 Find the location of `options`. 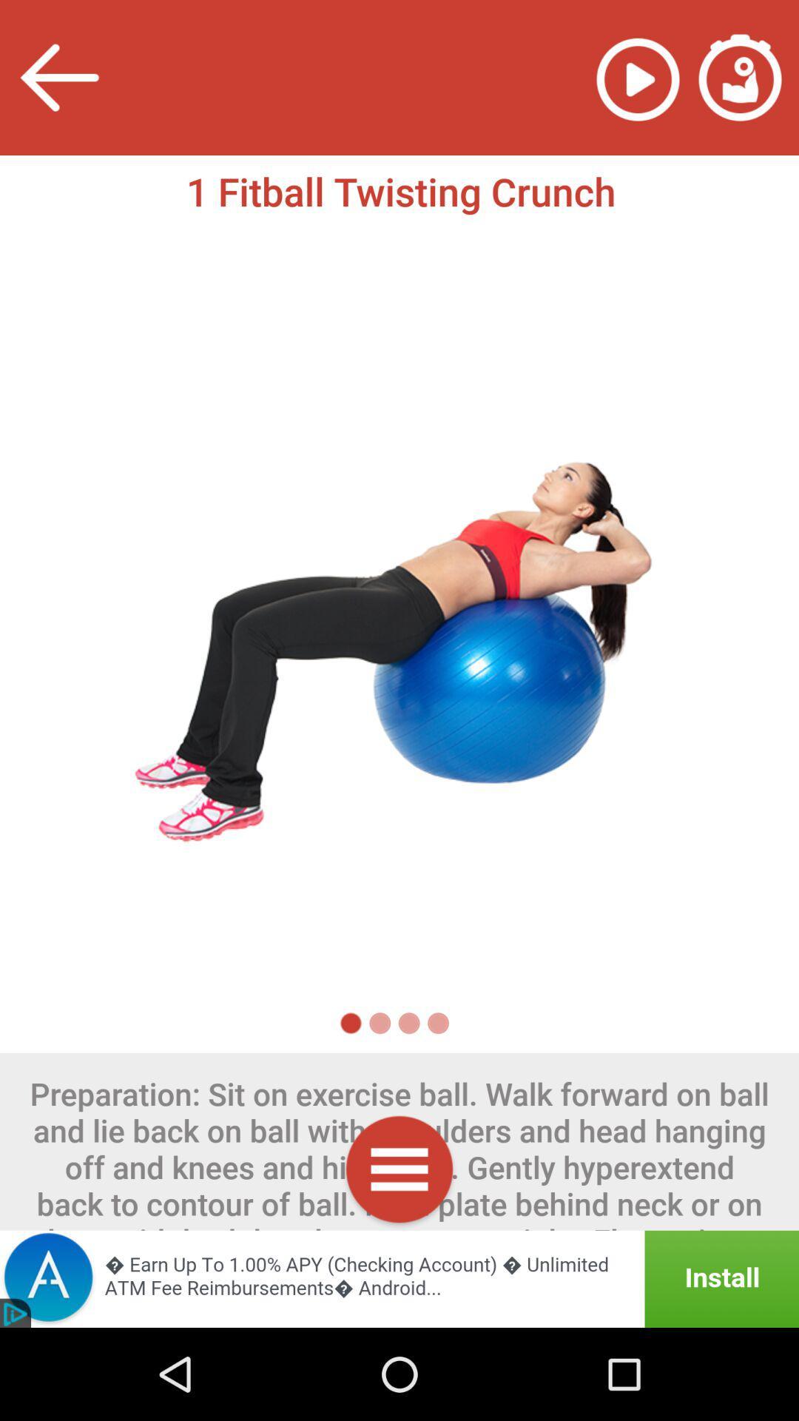

options is located at coordinates (399, 1172).